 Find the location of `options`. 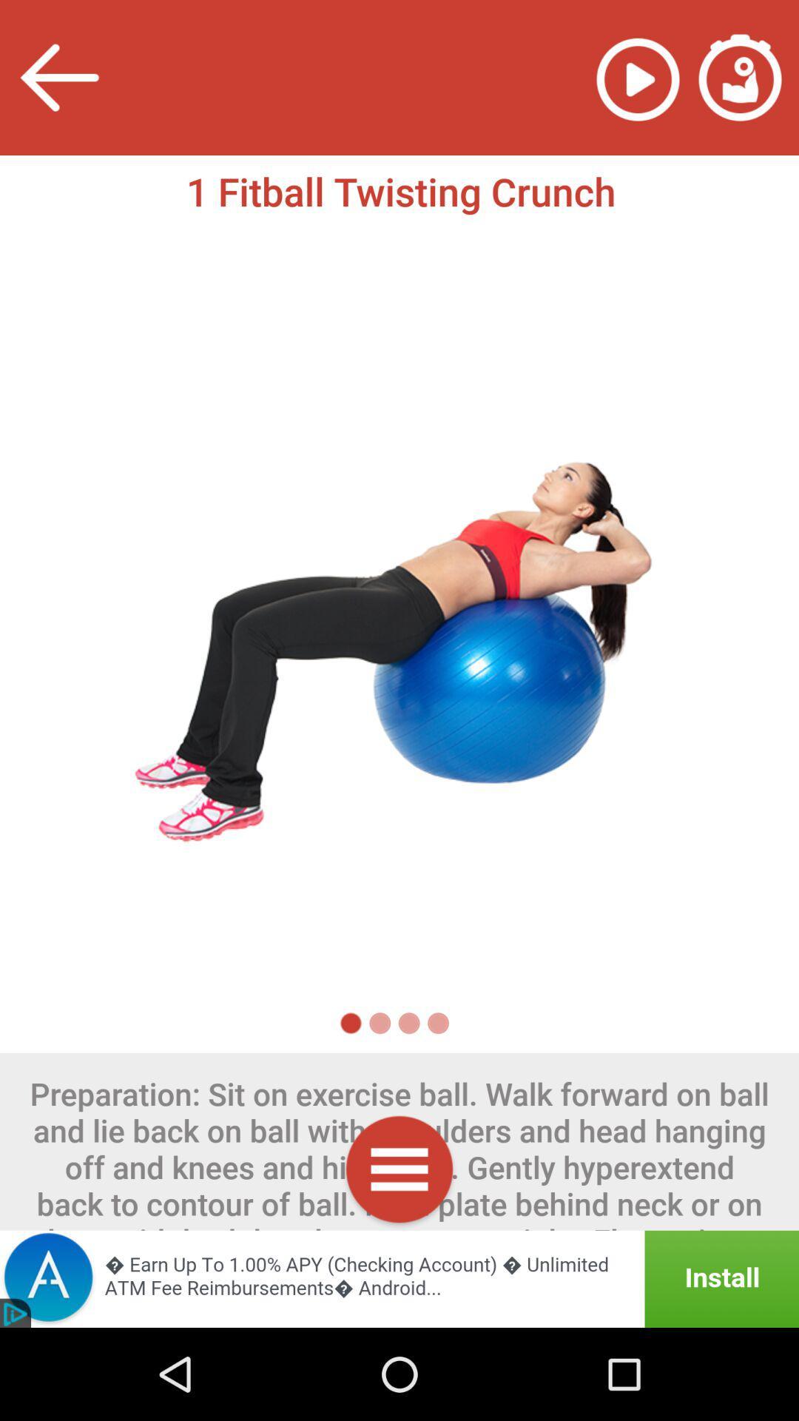

options is located at coordinates (399, 1172).